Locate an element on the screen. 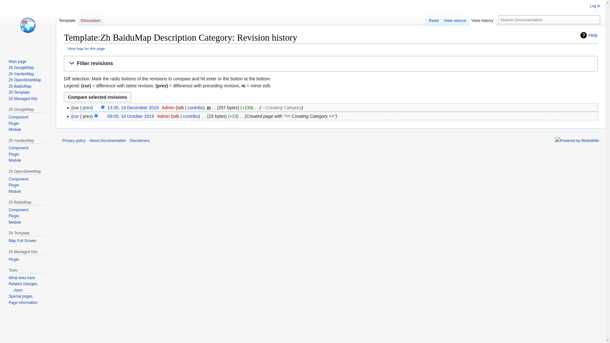 This screenshot has width=610, height=343. 'Admin' is located at coordinates (163, 116).